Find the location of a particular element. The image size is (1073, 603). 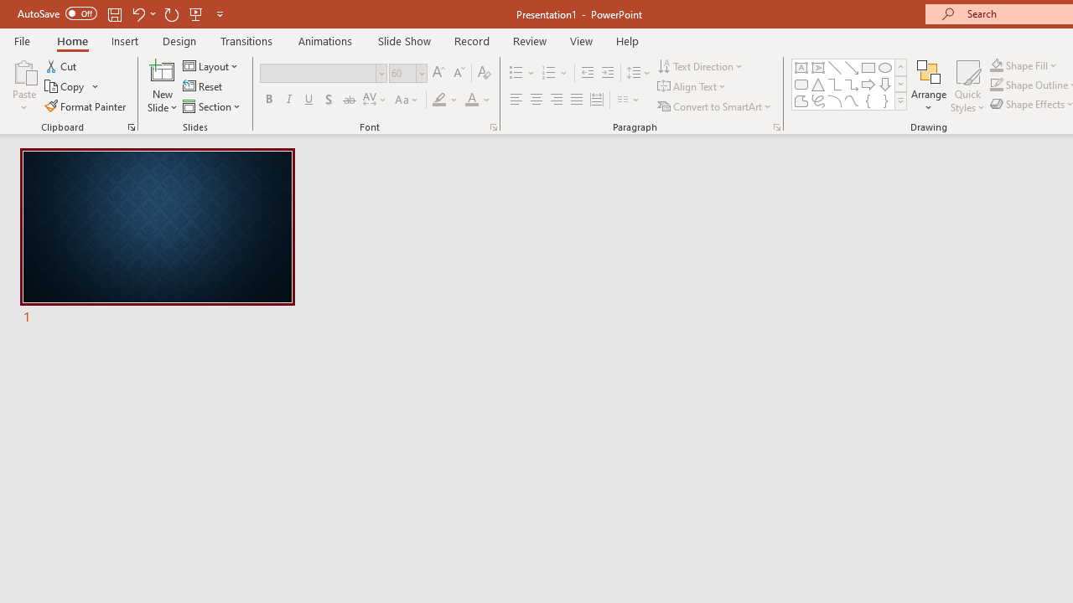

'Arrange' is located at coordinates (928, 86).